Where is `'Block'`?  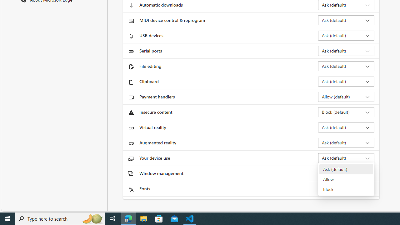 'Block' is located at coordinates (346, 189).